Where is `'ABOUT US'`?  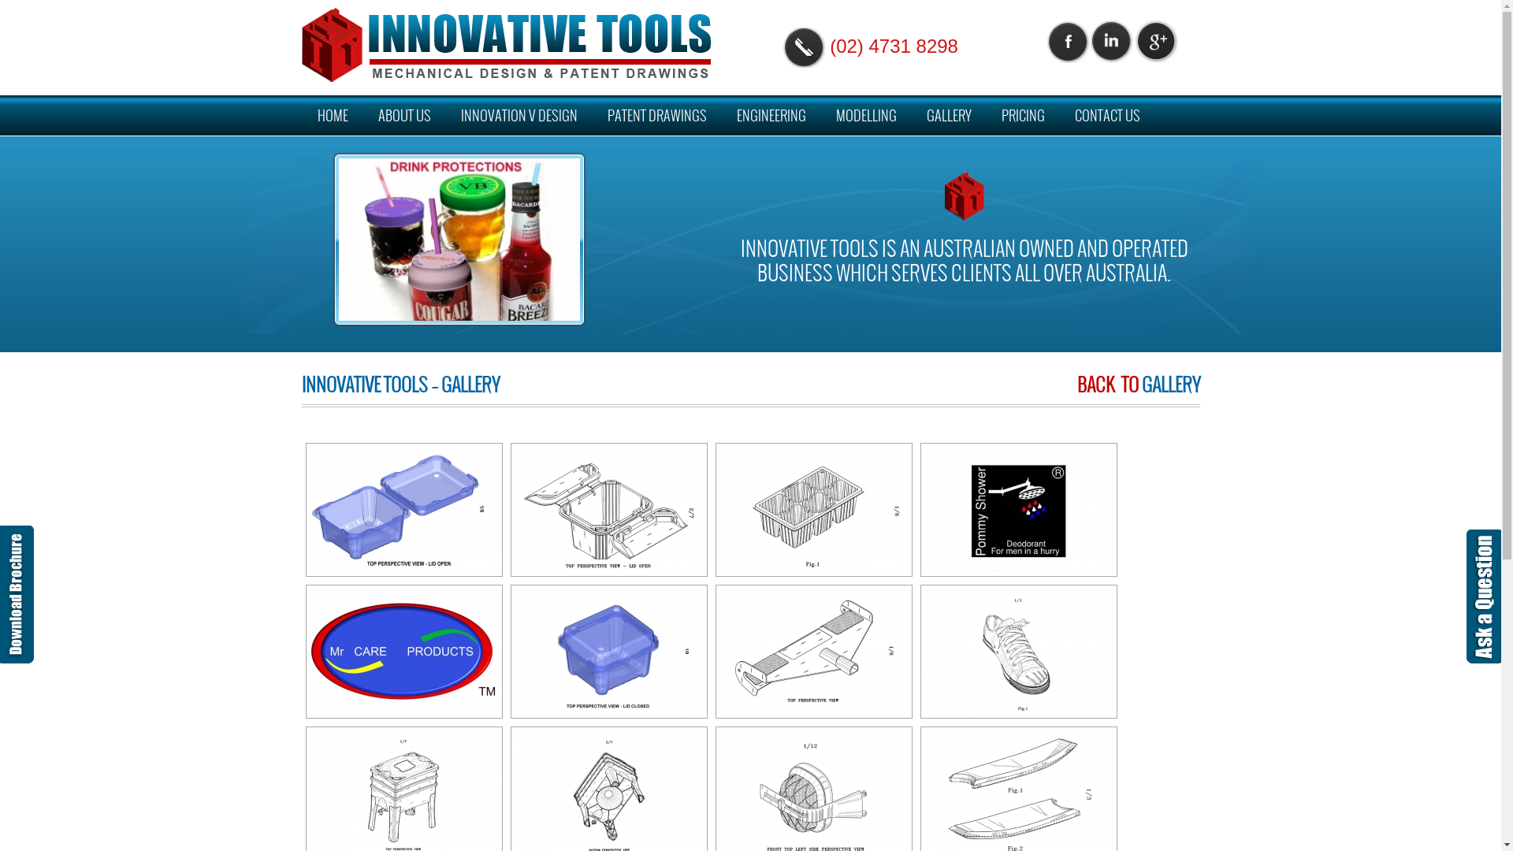 'ABOUT US' is located at coordinates (404, 114).